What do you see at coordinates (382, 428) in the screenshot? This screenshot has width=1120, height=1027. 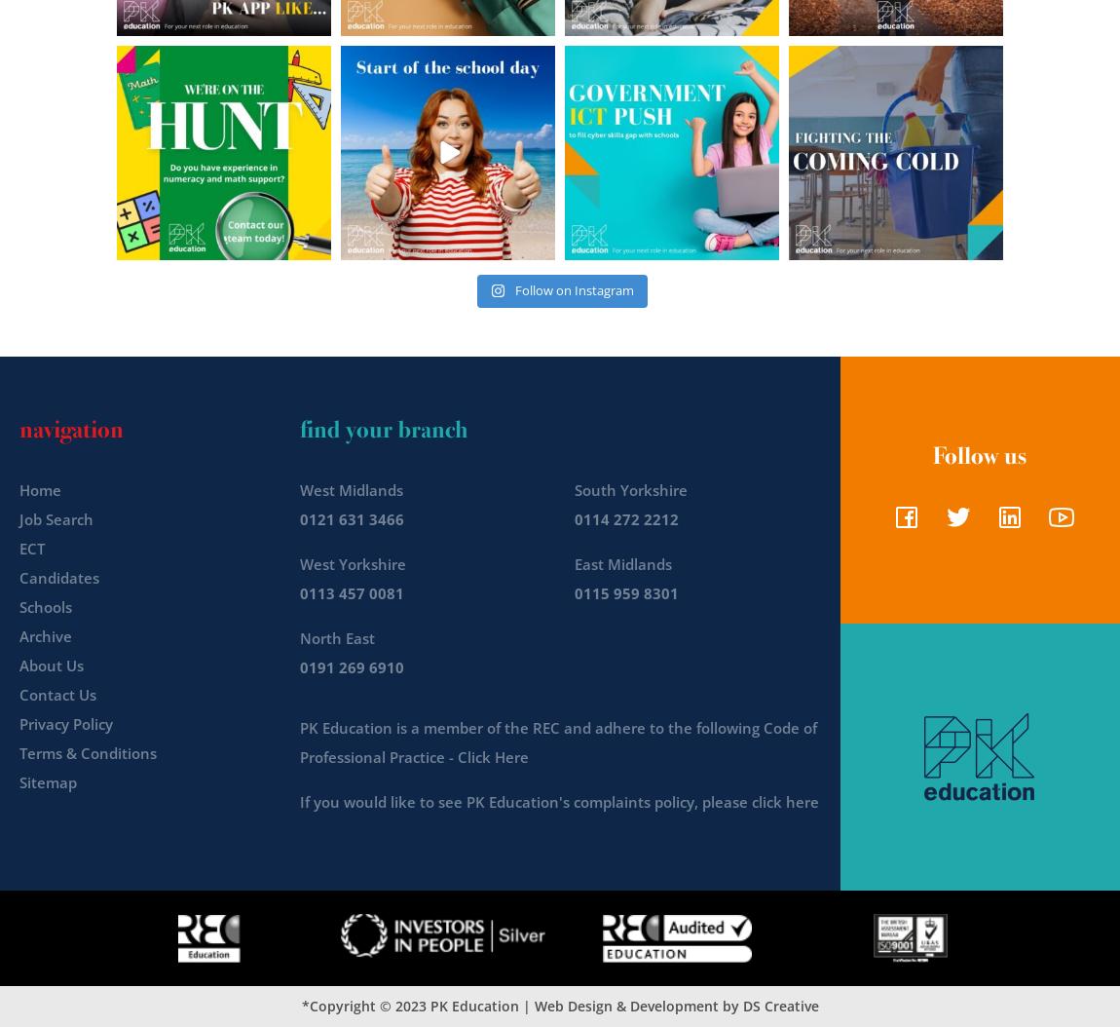 I see `'find your branch'` at bounding box center [382, 428].